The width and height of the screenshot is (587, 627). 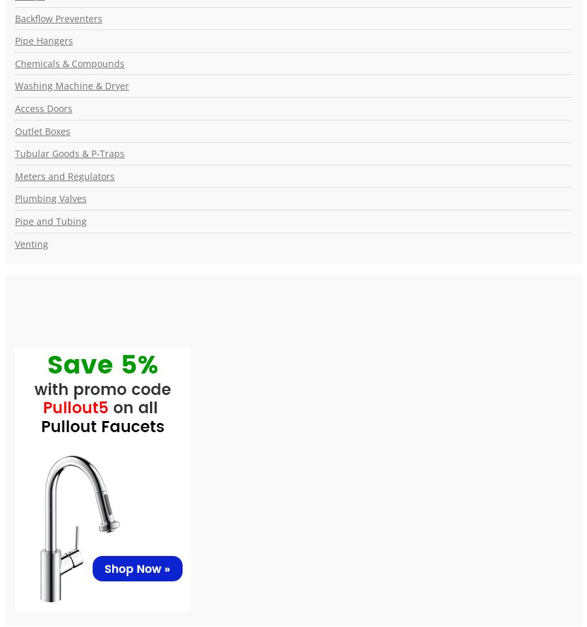 I want to click on 'Chemicals & Compounds', so click(x=69, y=63).